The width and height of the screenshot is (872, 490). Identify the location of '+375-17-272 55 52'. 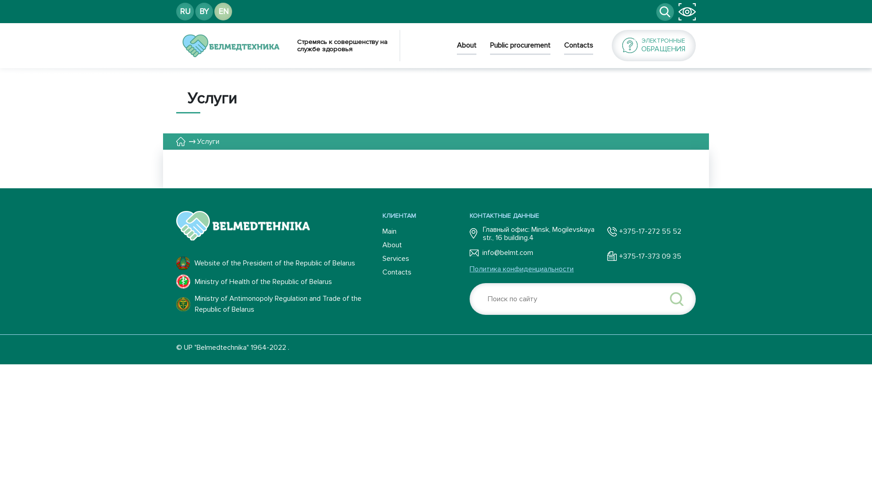
(644, 230).